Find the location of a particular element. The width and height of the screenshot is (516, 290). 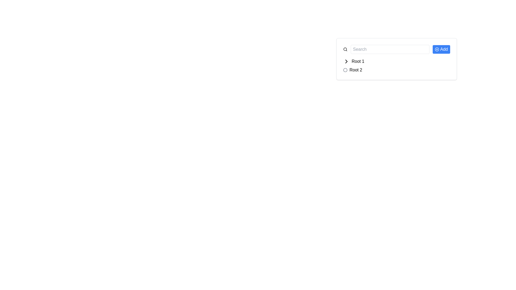

the right-pointing chevron icon is located at coordinates (346, 61).